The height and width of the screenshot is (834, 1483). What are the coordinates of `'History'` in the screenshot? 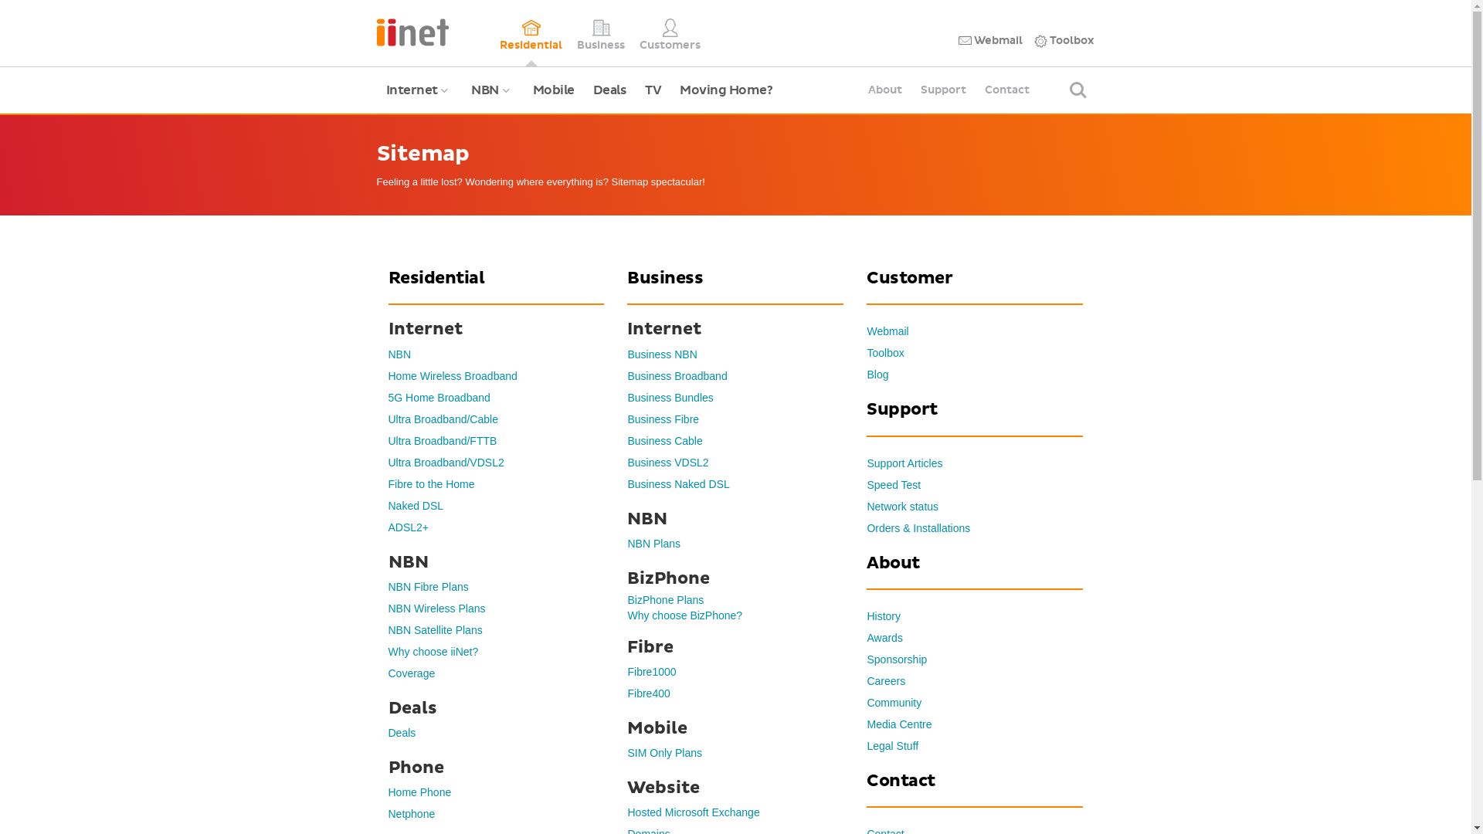 It's located at (867, 615).